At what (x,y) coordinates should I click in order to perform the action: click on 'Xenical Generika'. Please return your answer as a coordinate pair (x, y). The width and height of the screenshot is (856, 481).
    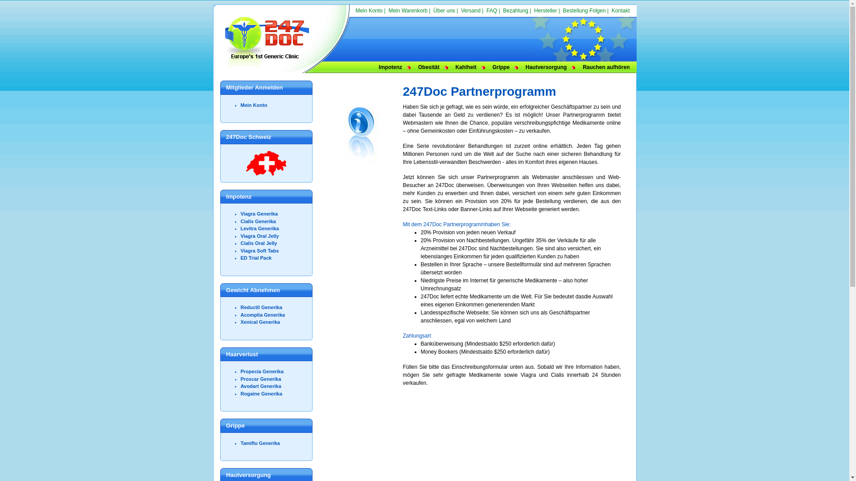
    Looking at the image, I should click on (260, 322).